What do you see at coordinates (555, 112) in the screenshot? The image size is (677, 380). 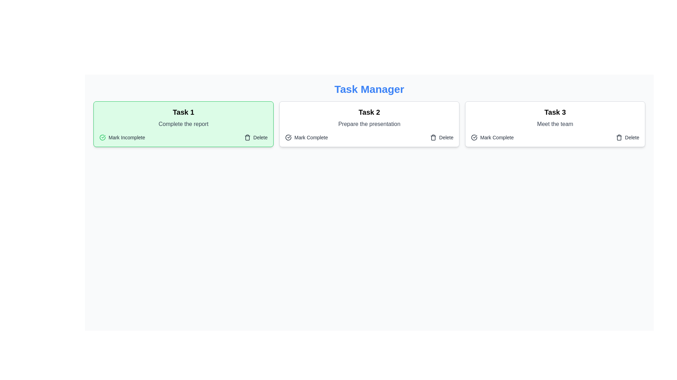 I see `the 'Task 3' text label, which is prominently displayed in bold and large font within the third task card, positioned above the text 'Meet the team'` at bounding box center [555, 112].